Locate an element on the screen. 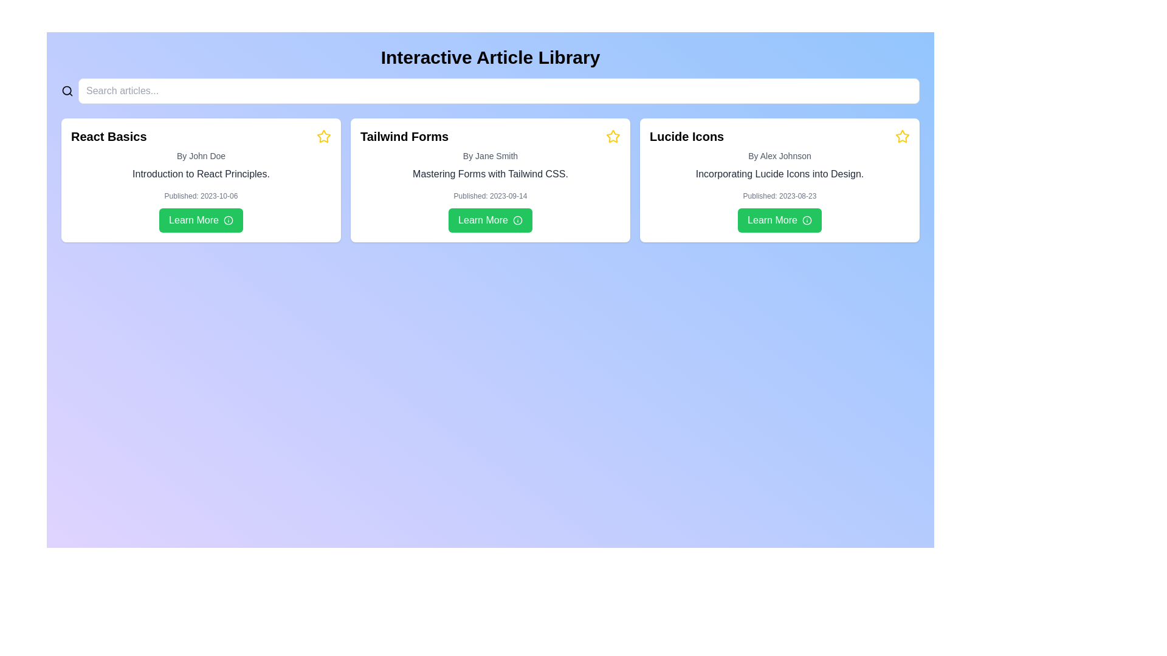 This screenshot has width=1167, height=656. the star icon located at the top-right corner of the 'React Basics' article card to favorite the item is located at coordinates (323, 136).